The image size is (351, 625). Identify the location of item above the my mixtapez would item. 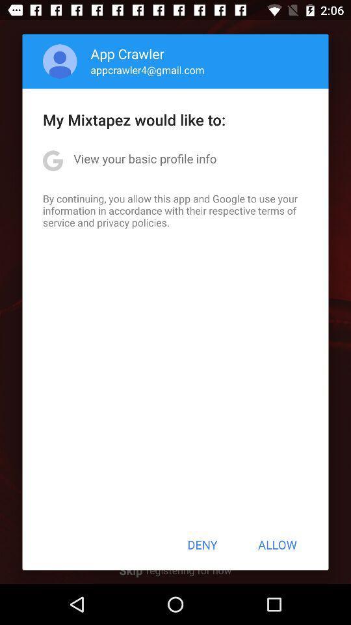
(147, 70).